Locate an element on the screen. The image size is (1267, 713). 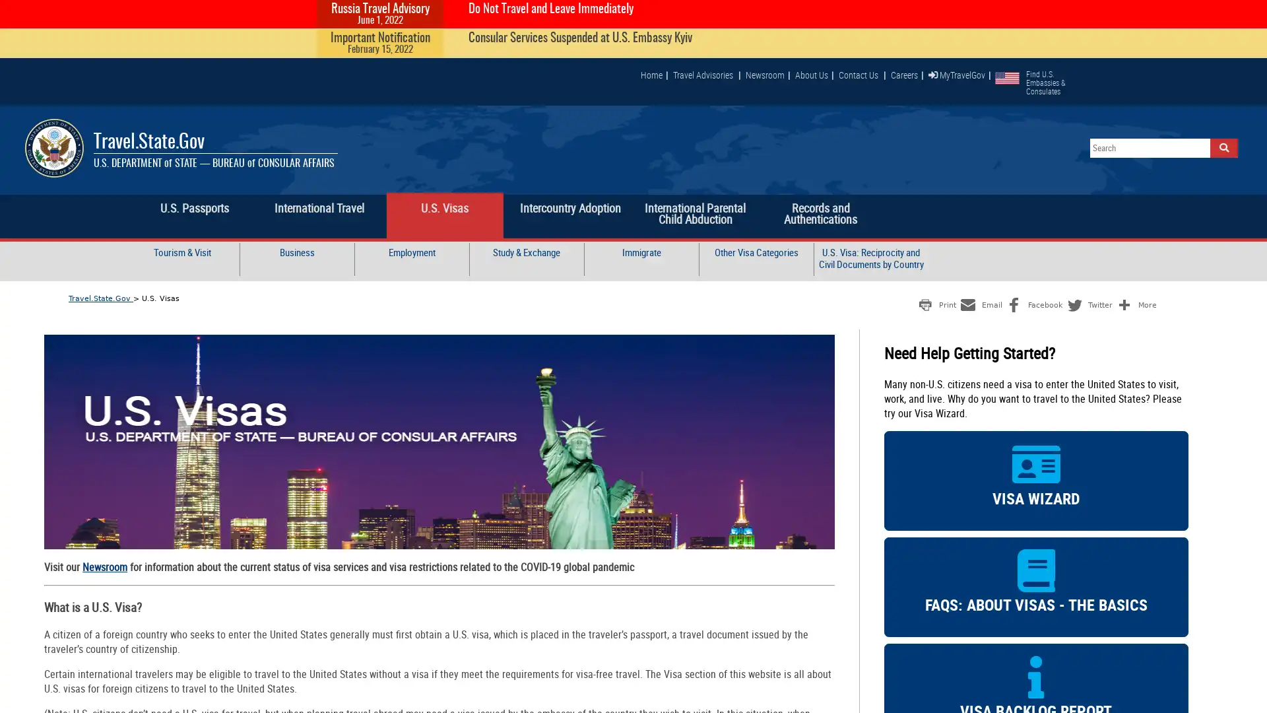
Share to More More is located at coordinates (1135, 304).